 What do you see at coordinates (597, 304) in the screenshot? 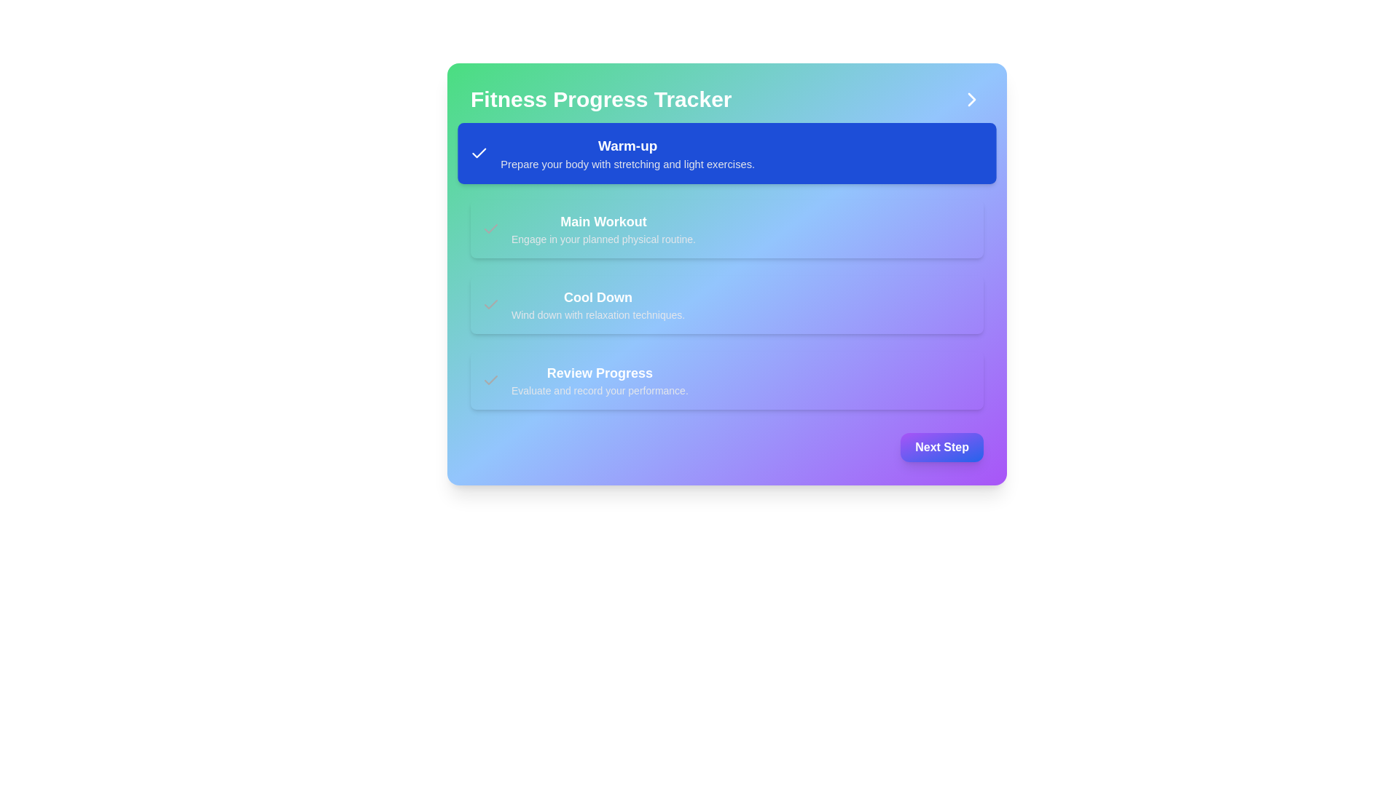
I see `the 'Cool Down' text label, which indicates the third step in the fitness progress tracker, located below 'Main Workout' and above 'Review Progress'` at bounding box center [597, 304].